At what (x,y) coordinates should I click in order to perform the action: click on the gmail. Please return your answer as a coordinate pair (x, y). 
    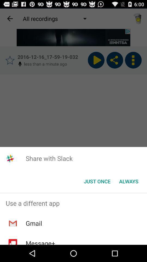
    Looking at the image, I should click on (34, 223).